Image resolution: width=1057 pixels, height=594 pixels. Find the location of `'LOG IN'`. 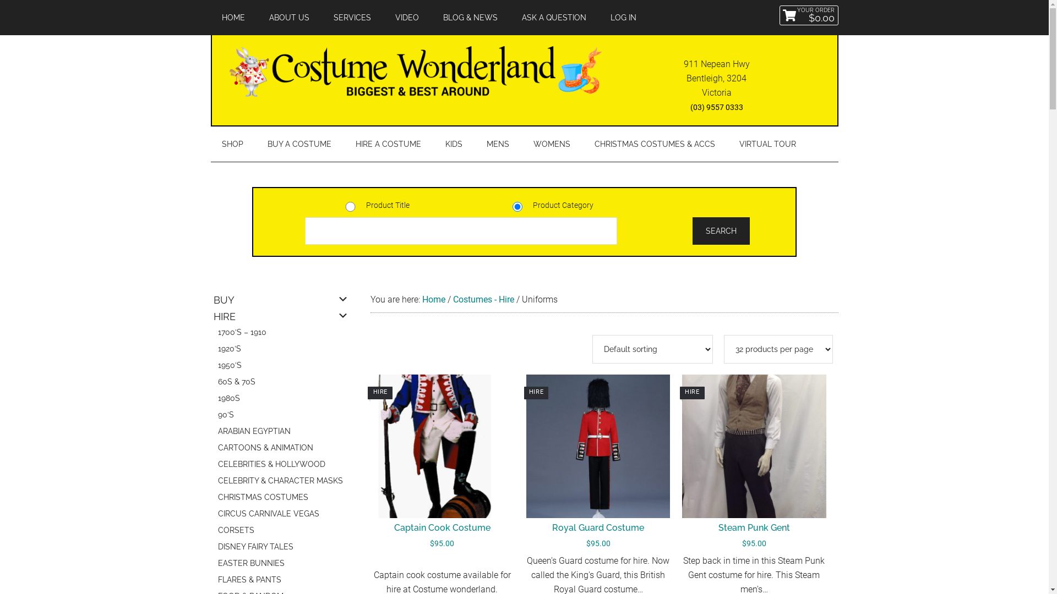

'LOG IN' is located at coordinates (623, 17).